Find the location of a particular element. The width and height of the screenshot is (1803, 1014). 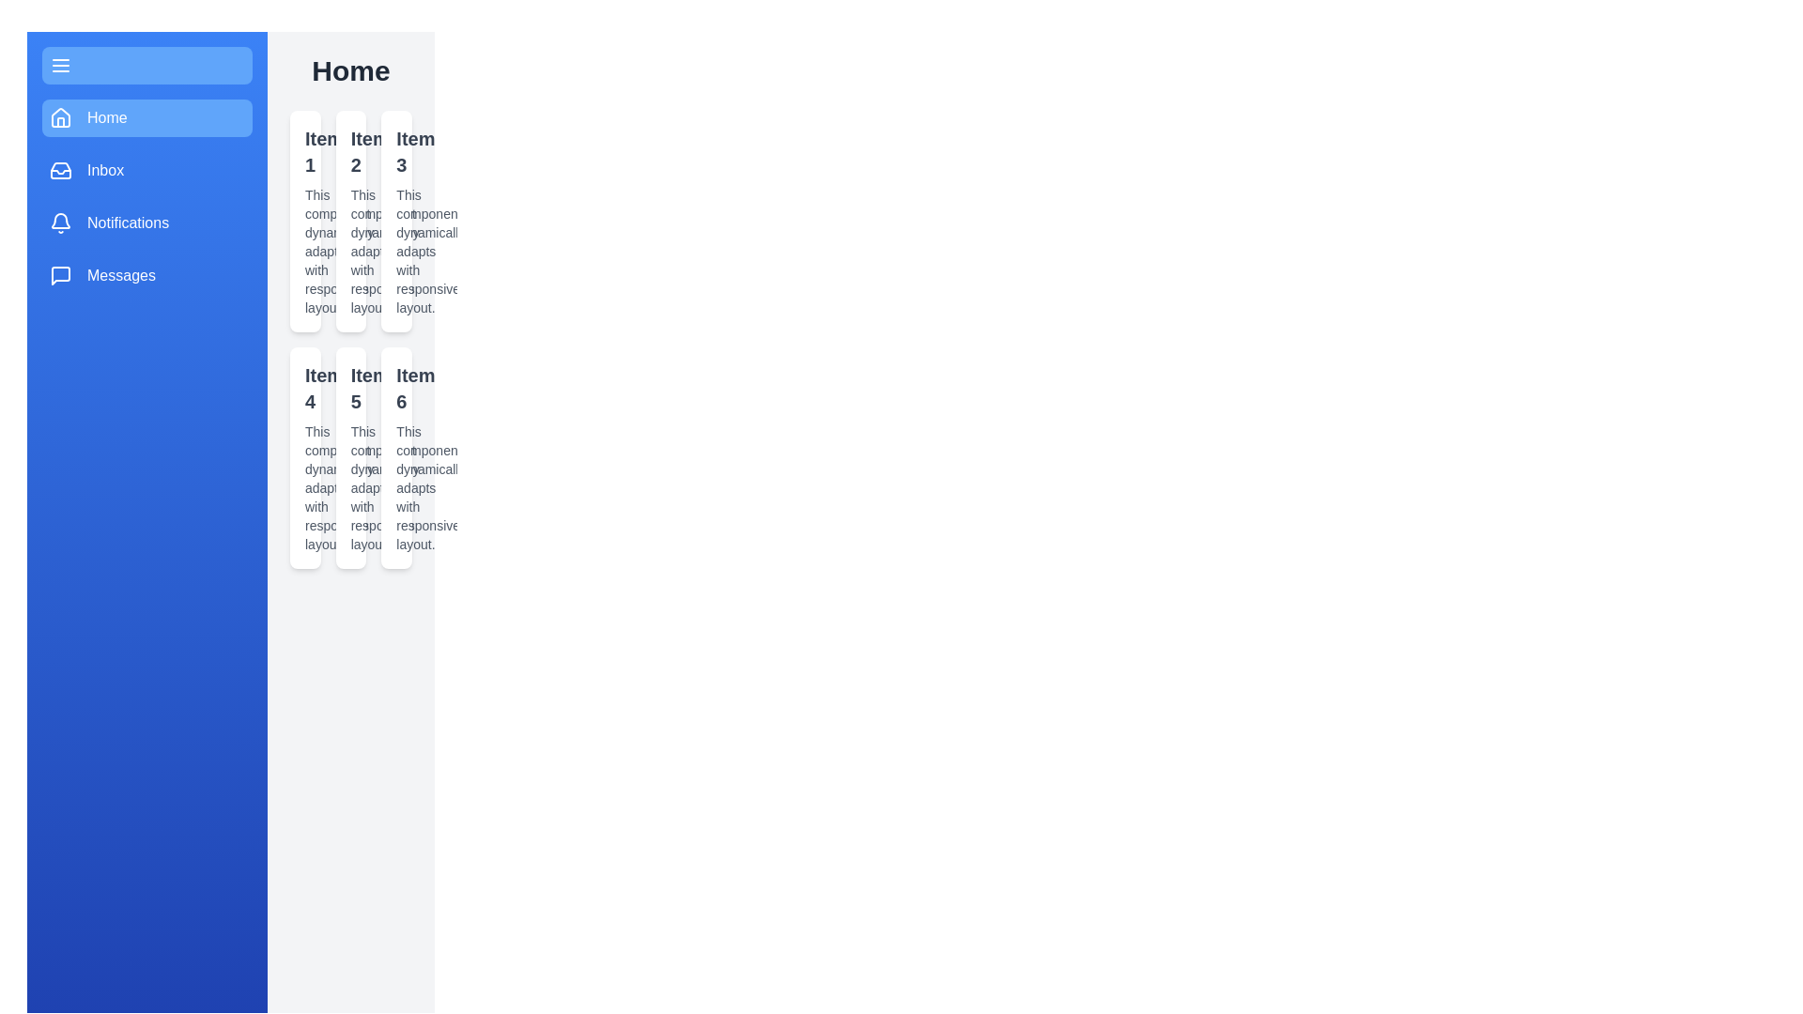

the informational card located in the bottom row, middle column of the grid layout, which displays a heading and a brief description is located at coordinates (351, 458).